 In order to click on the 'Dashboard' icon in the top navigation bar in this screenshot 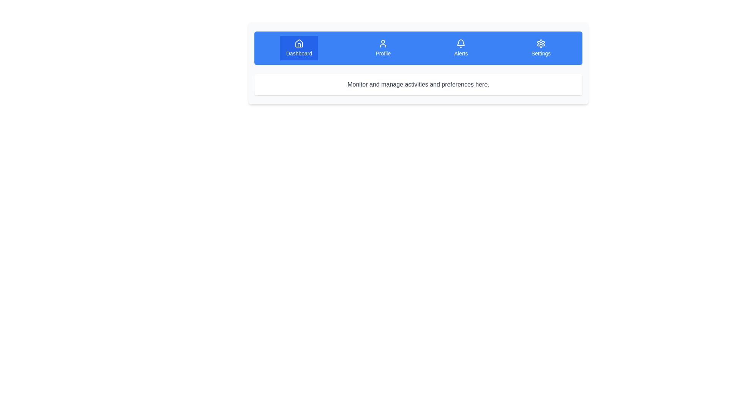, I will do `click(298, 43)`.